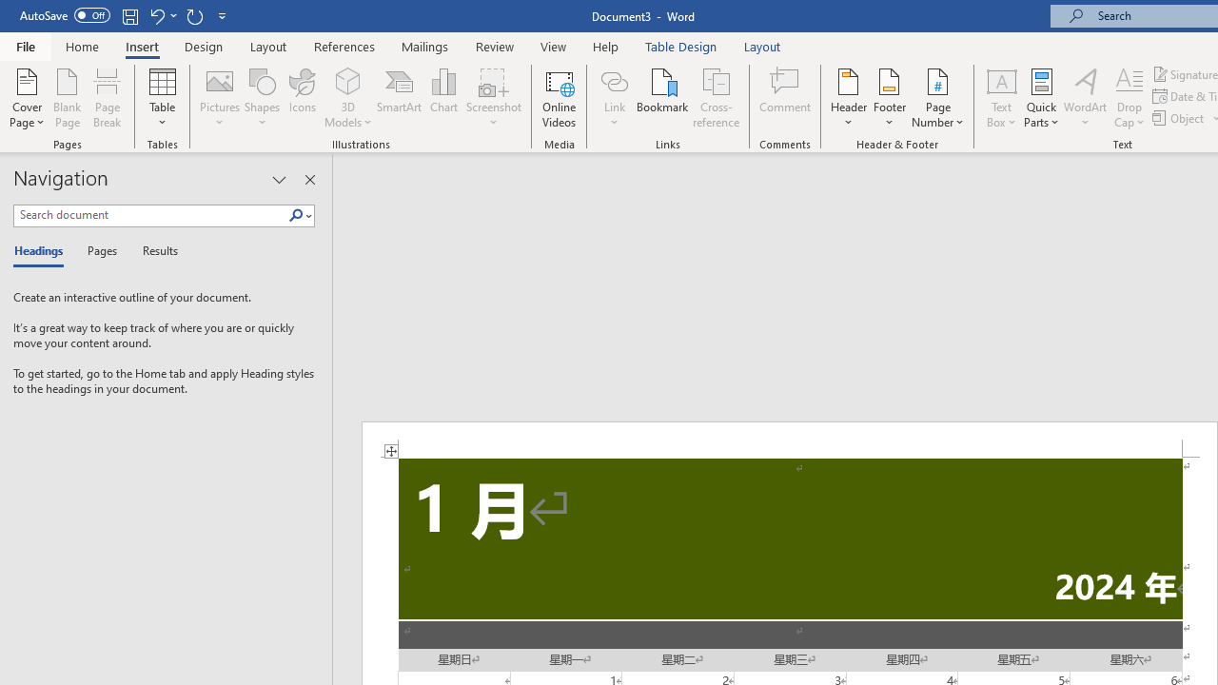  I want to click on 'Customize Quick Access Toolbar', so click(223, 15).